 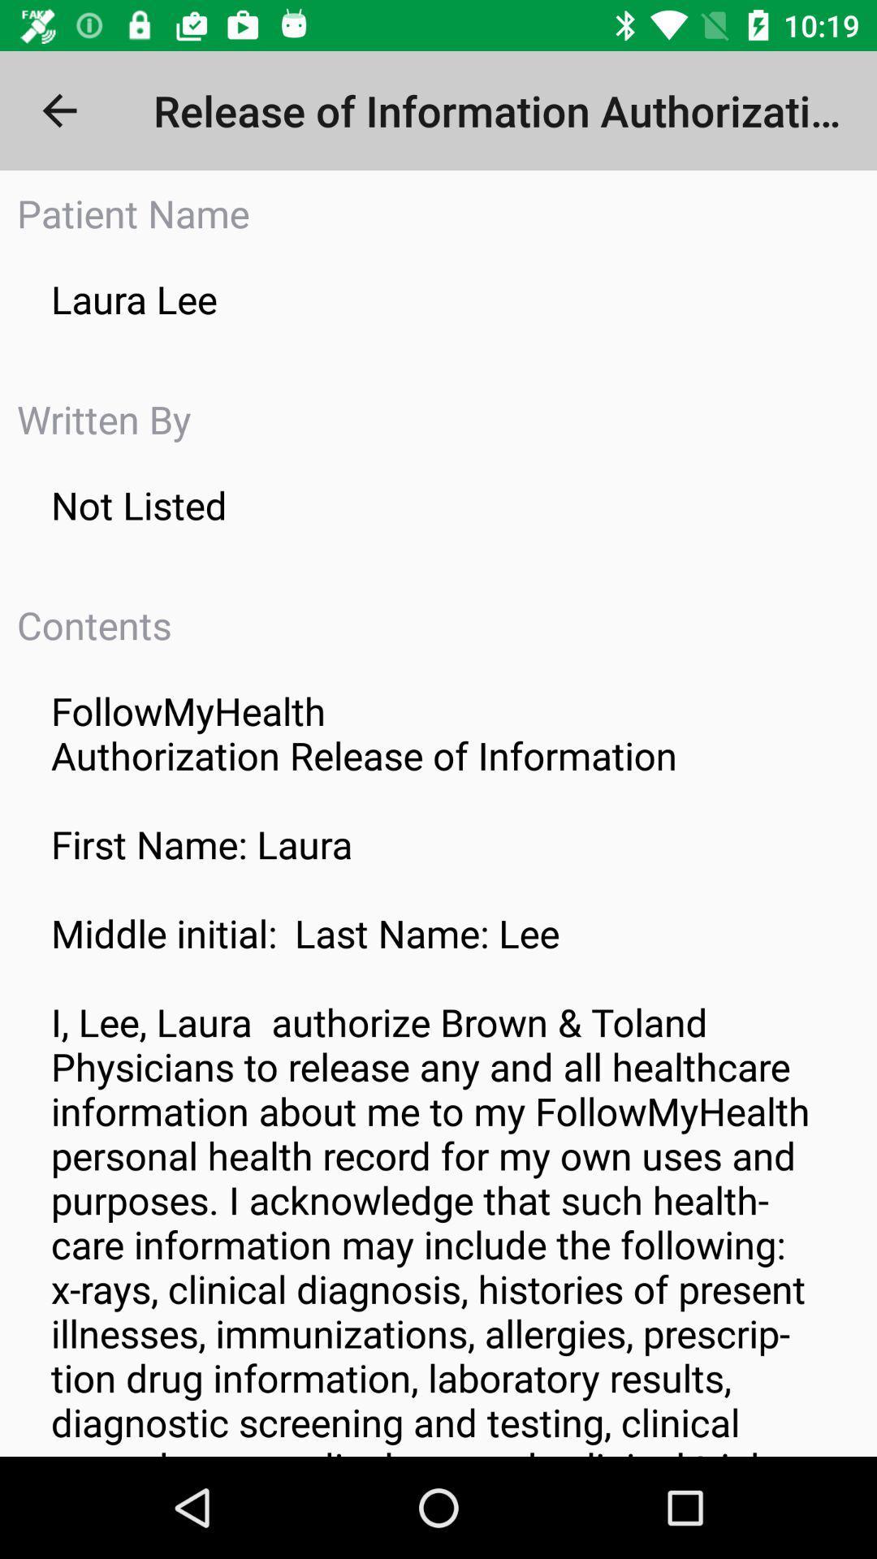 What do you see at coordinates (58, 110) in the screenshot?
I see `the item to the left of the release of information item` at bounding box center [58, 110].